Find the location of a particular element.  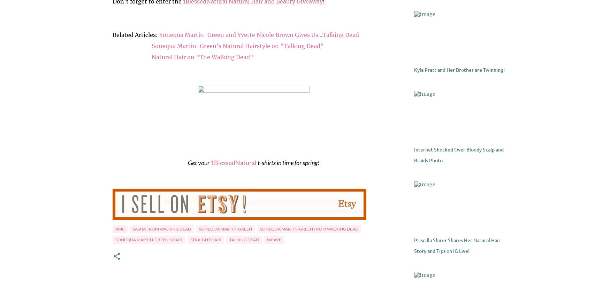

'Priscilla Shirer Shares Her Natural Hair Story and Tips on IG Live!' is located at coordinates (456, 246).